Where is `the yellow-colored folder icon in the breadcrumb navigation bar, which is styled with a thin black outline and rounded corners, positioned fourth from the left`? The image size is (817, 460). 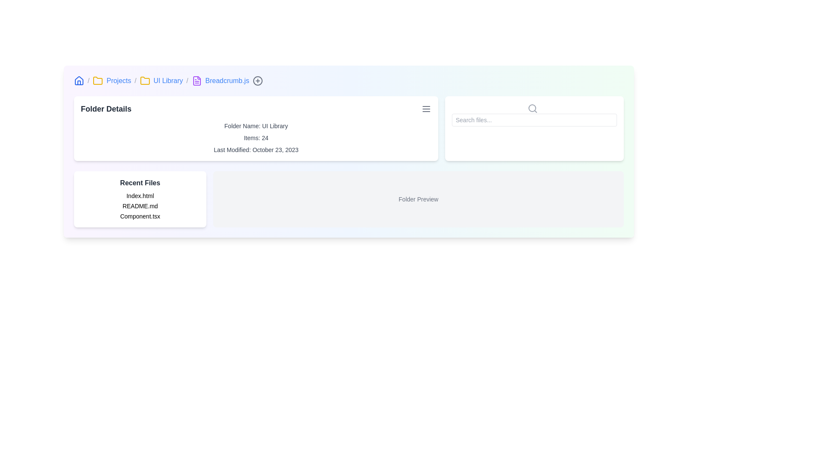
the yellow-colored folder icon in the breadcrumb navigation bar, which is styled with a thin black outline and rounded corners, positioned fourth from the left is located at coordinates (145, 80).